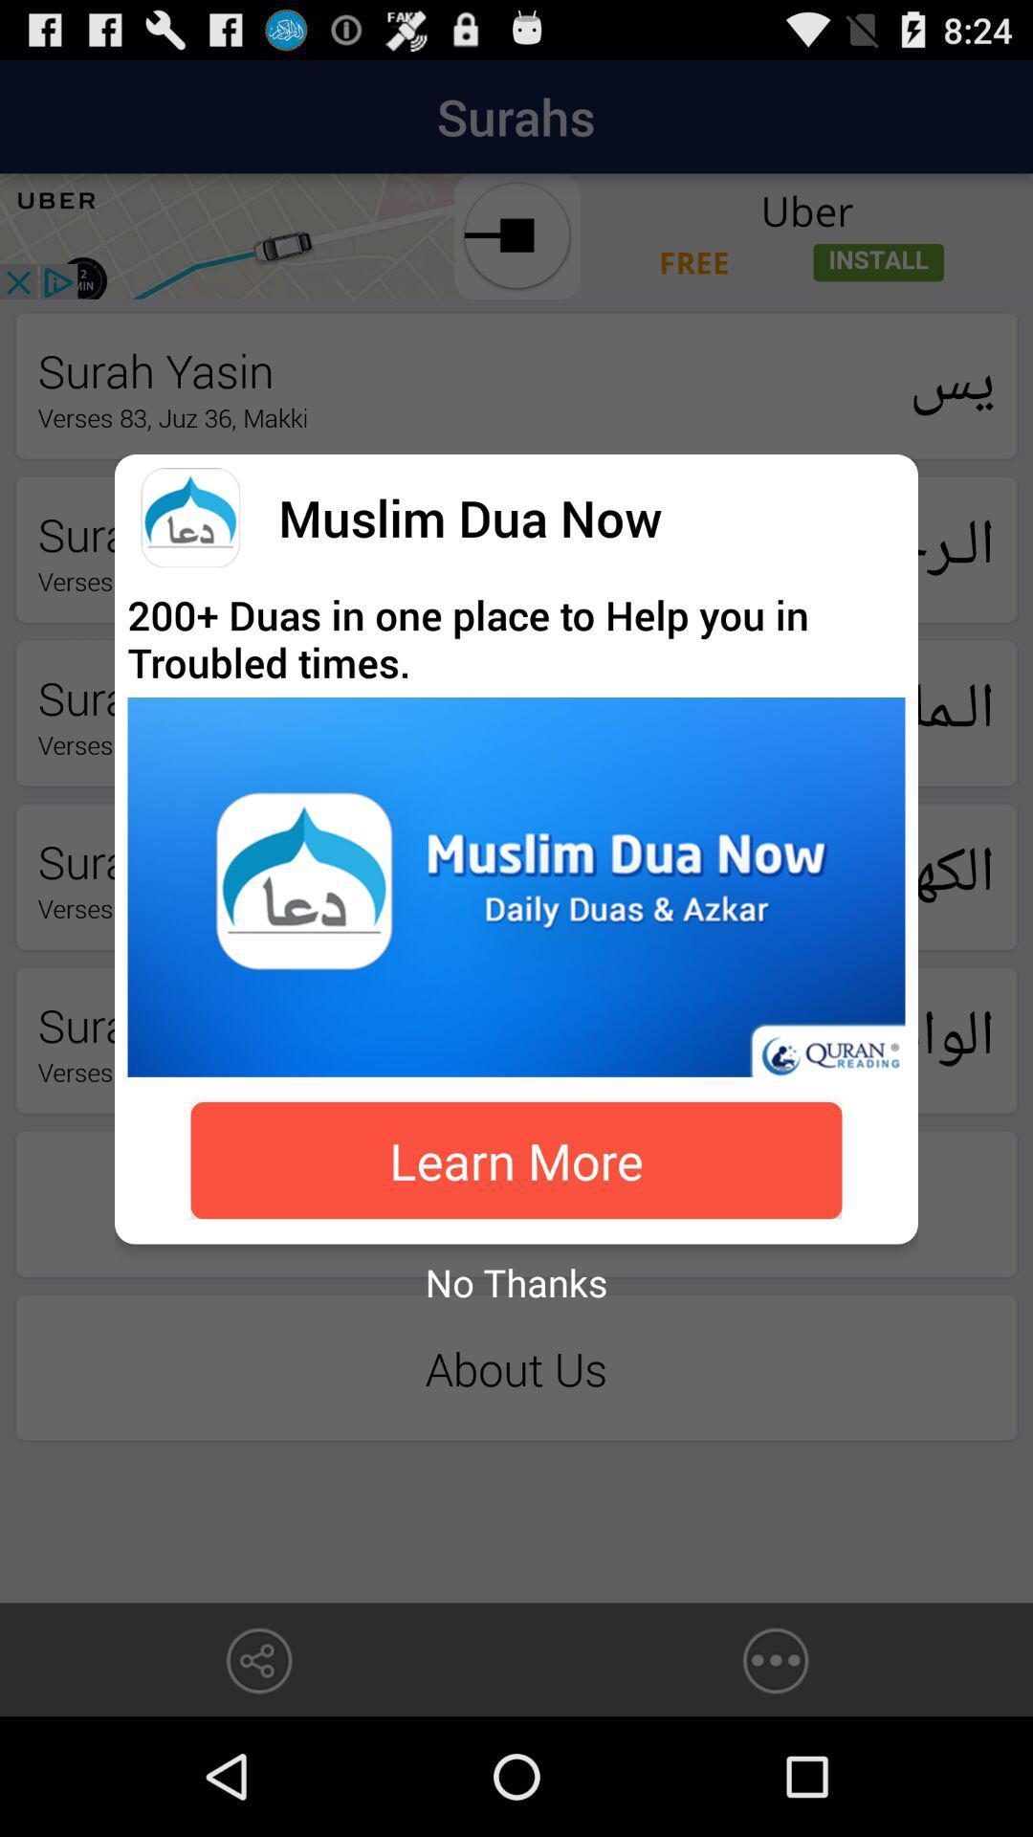  Describe the element at coordinates (516, 1282) in the screenshot. I see `the no thanks at the bottom` at that location.